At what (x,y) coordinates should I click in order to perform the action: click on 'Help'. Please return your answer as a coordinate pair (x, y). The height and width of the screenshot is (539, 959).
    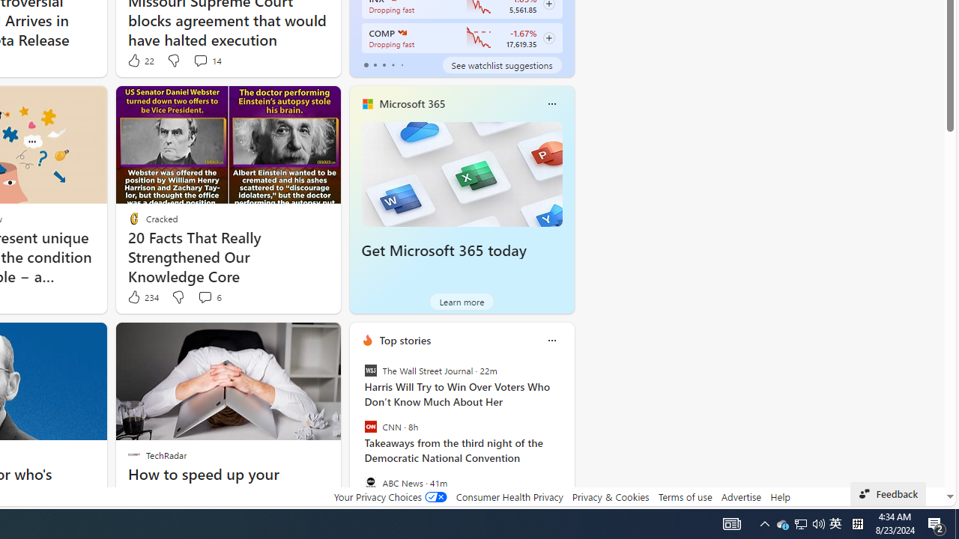
    Looking at the image, I should click on (779, 496).